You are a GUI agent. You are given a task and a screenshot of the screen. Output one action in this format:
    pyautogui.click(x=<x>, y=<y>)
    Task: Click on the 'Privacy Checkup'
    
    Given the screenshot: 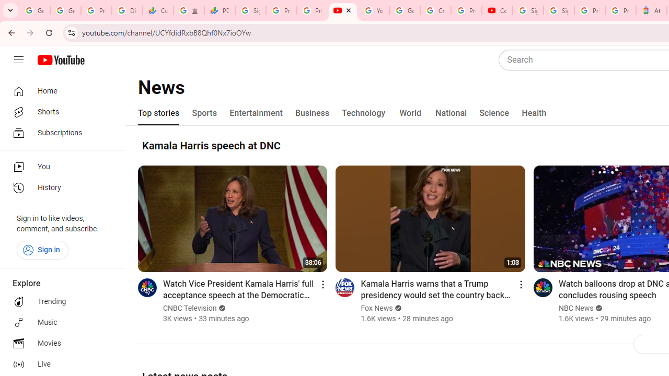 What is the action you would take?
    pyautogui.click(x=312, y=10)
    